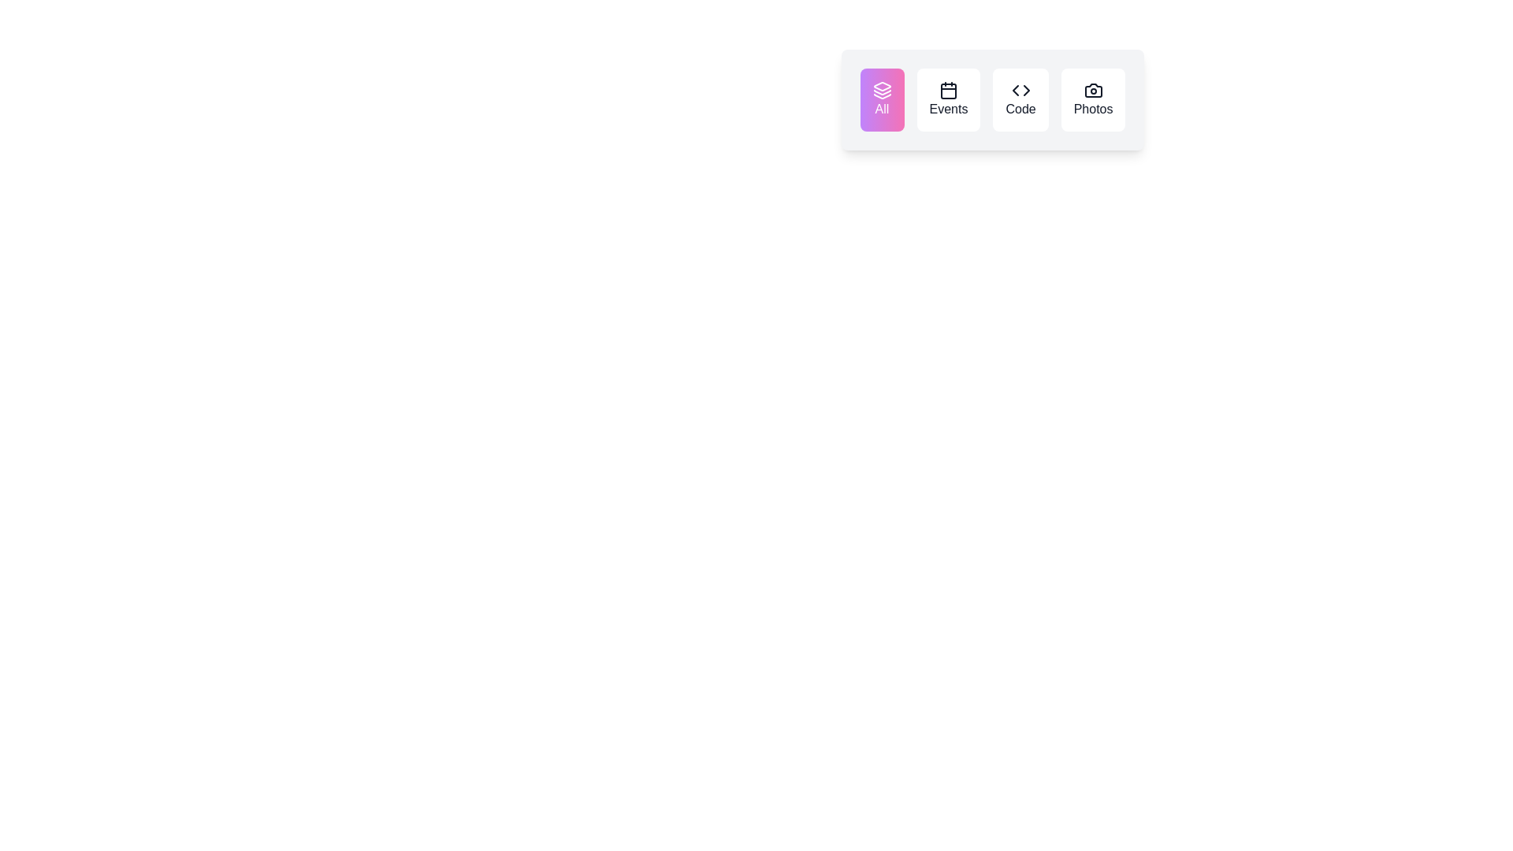  I want to click on the 'Events' button, which is a rectangular button with a white background, a black calendar icon, and the label 'Events' in black text, located between the 'All' button and the 'Code' button, so click(948, 100).